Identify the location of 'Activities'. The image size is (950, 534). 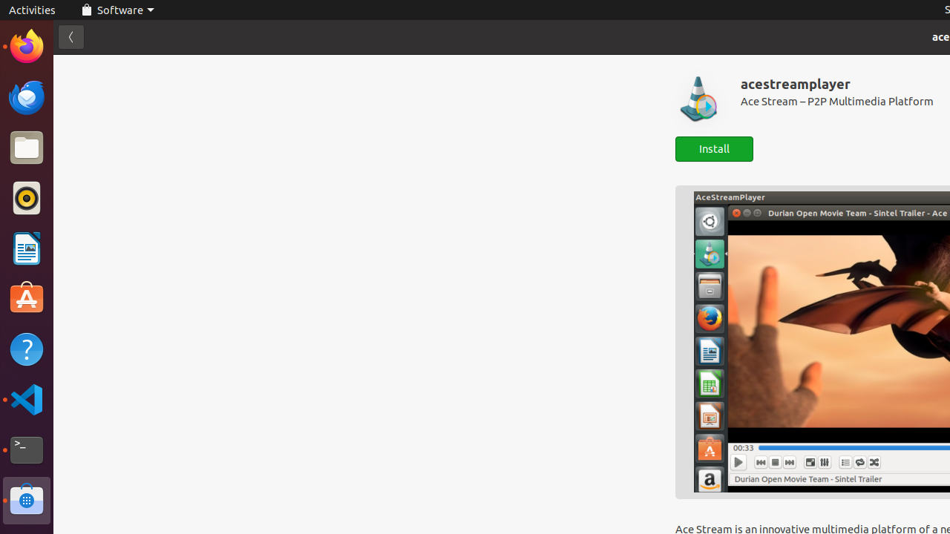
(32, 10).